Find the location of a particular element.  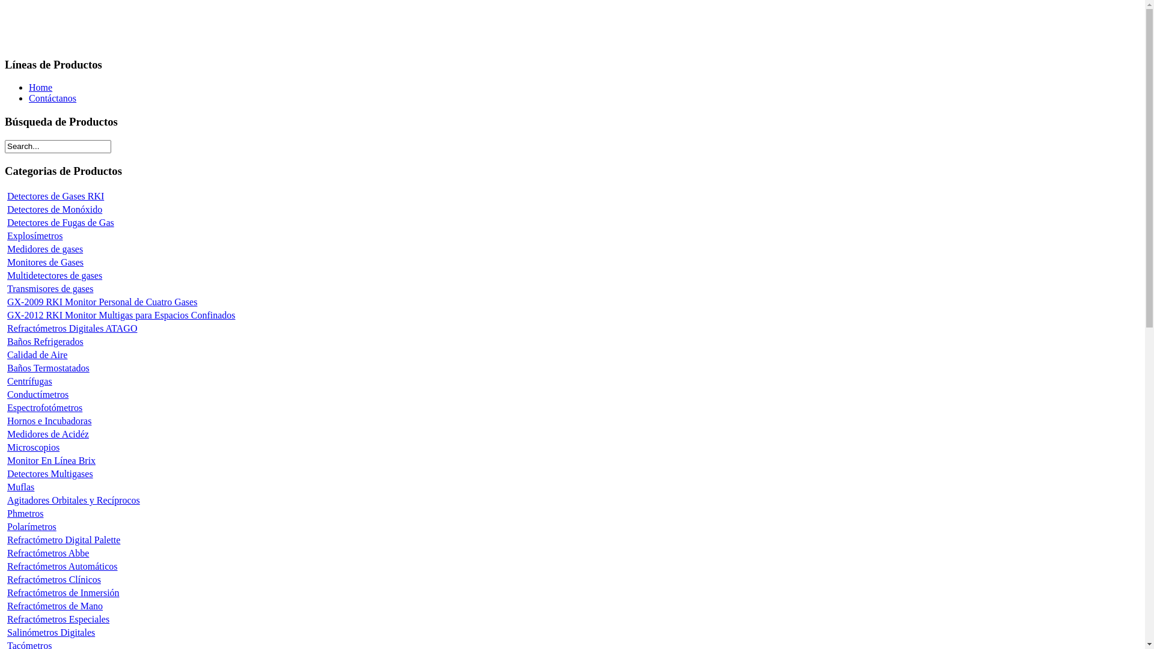

'Hornos e Incubadoras' is located at coordinates (48, 420).